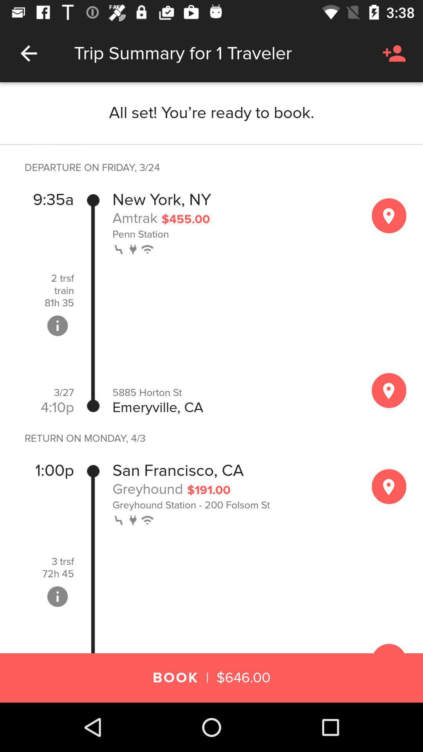 The width and height of the screenshot is (423, 752). Describe the element at coordinates (54, 470) in the screenshot. I see `the 1:00p` at that location.